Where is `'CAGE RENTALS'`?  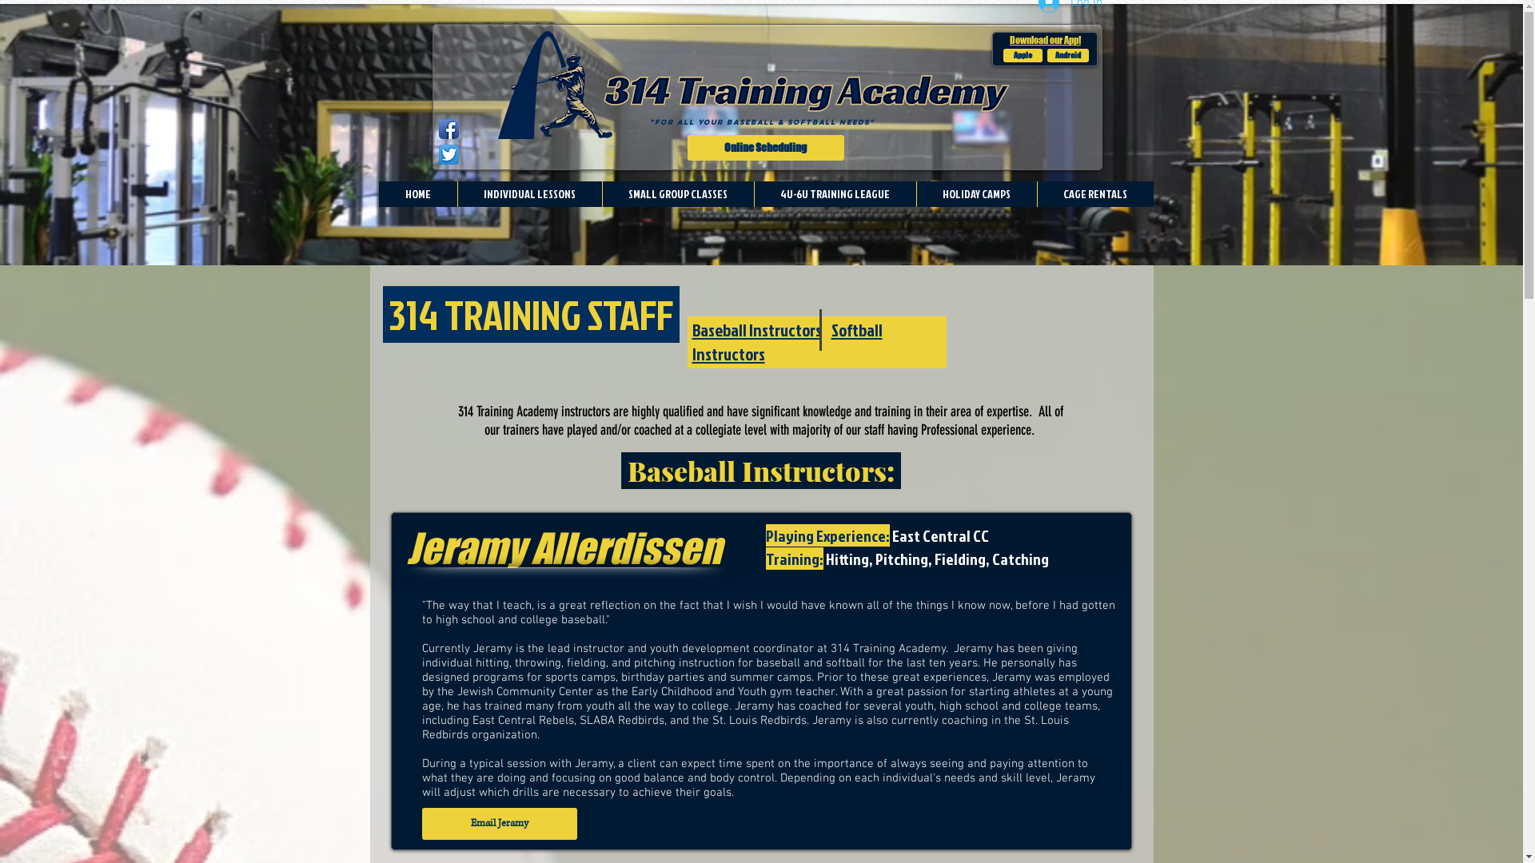
'CAGE RENTALS' is located at coordinates (1093, 193).